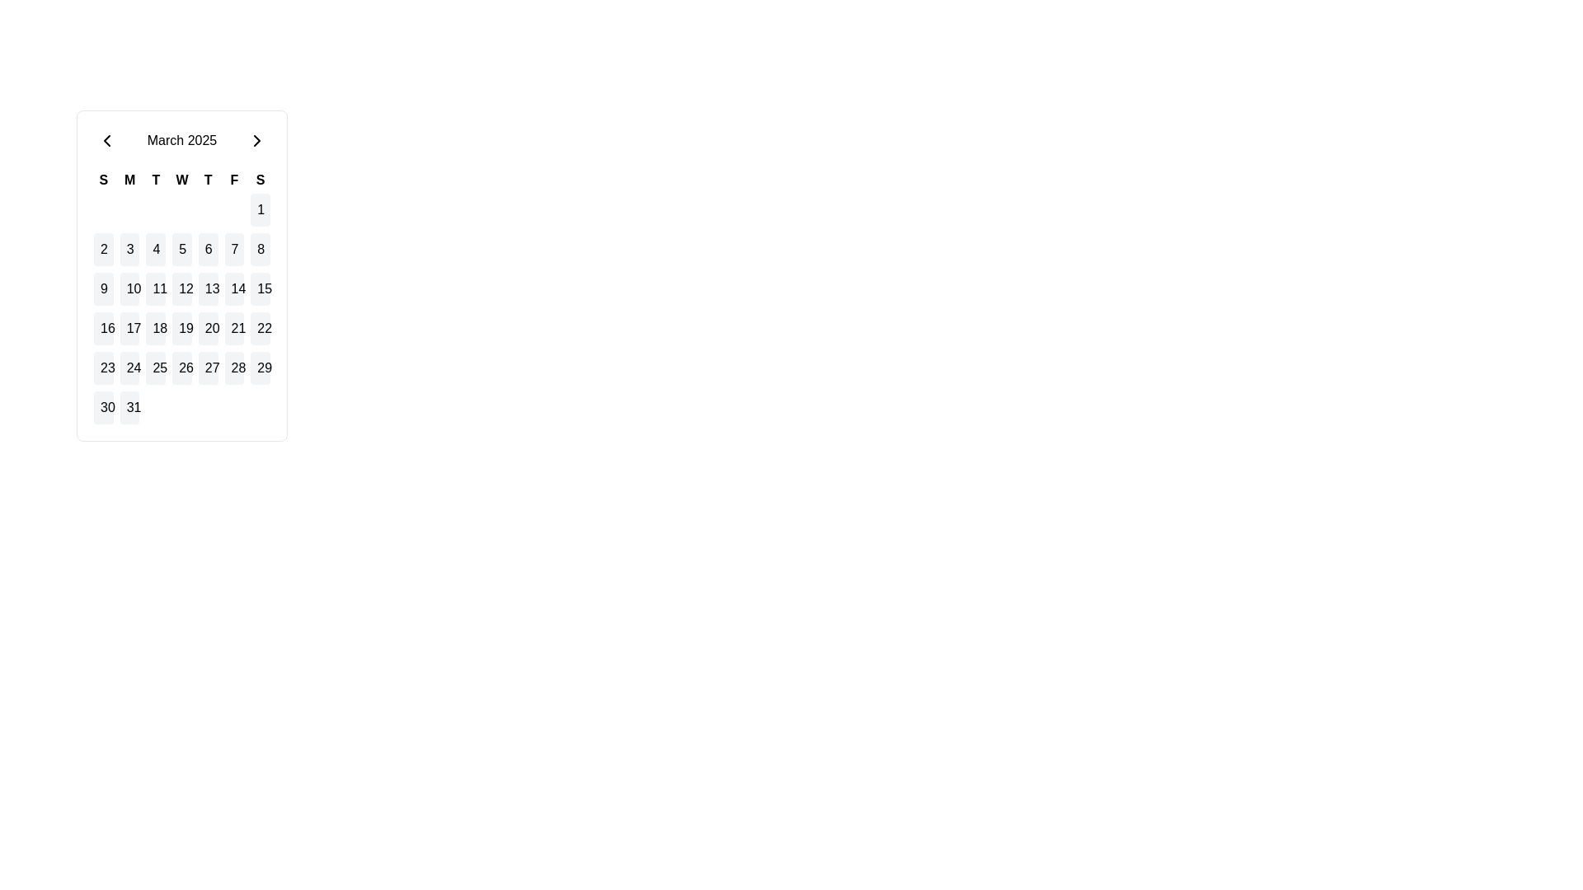 Image resolution: width=1583 pixels, height=890 pixels. I want to click on the square button with a rounded design and the number '21' centered inside it, located in the fourth row and sixth column of the calendar grid, so click(233, 328).